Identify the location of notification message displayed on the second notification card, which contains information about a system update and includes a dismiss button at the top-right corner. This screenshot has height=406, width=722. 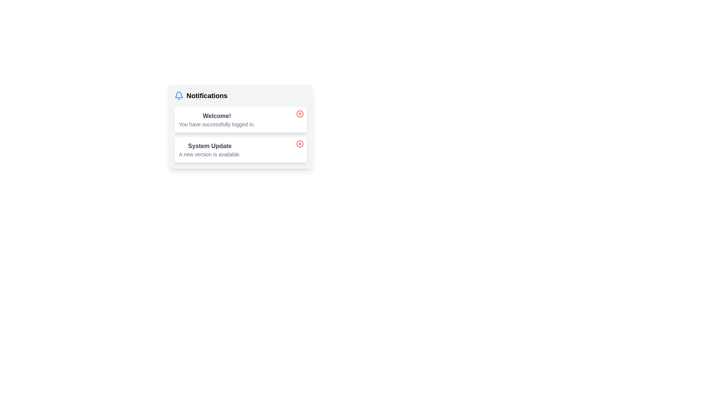
(240, 150).